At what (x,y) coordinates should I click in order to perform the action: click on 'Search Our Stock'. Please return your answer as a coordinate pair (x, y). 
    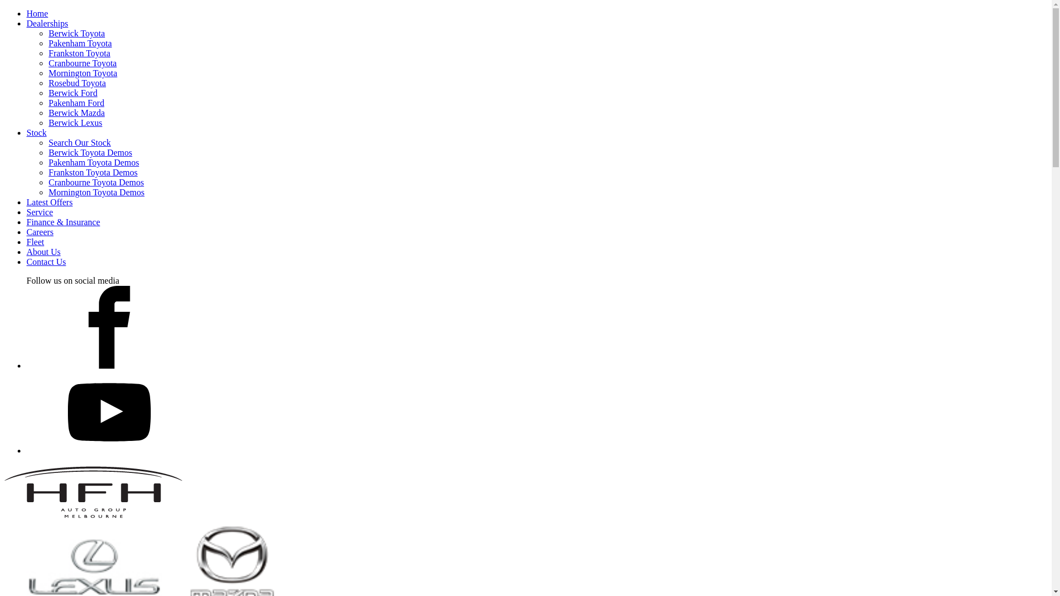
    Looking at the image, I should click on (79, 142).